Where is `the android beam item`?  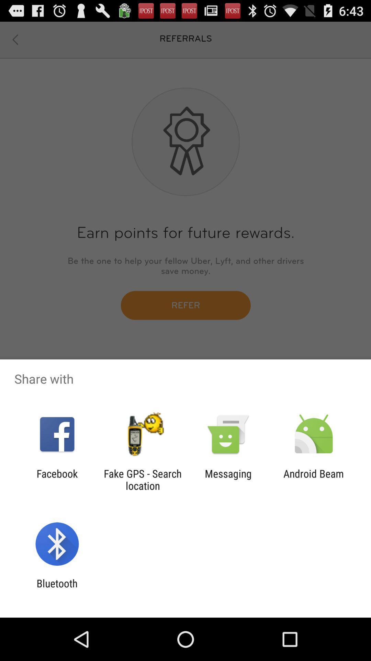
the android beam item is located at coordinates (314, 479).